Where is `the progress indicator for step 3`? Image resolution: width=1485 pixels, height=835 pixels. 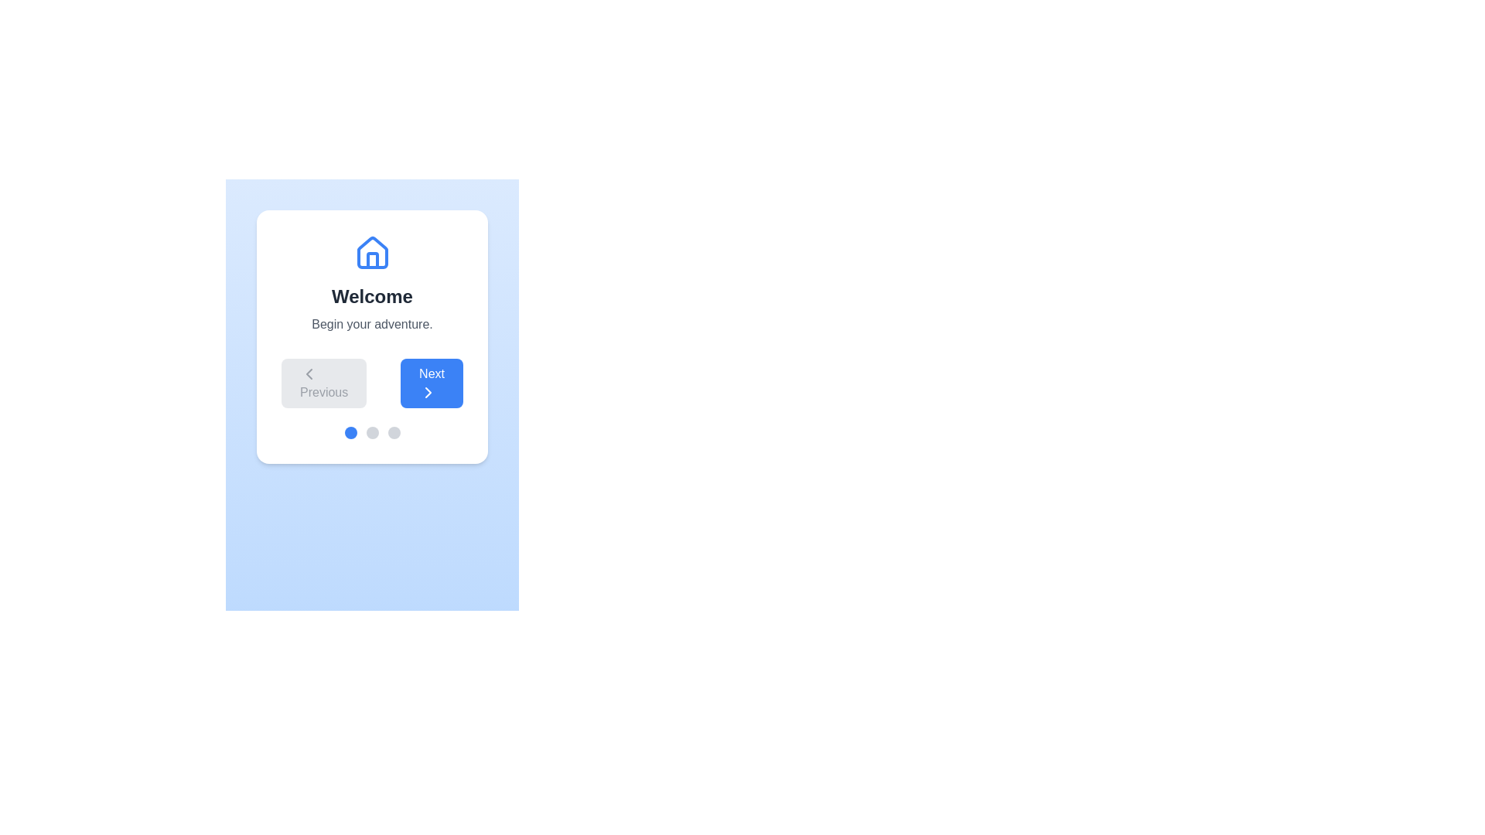
the progress indicator for step 3 is located at coordinates (394, 432).